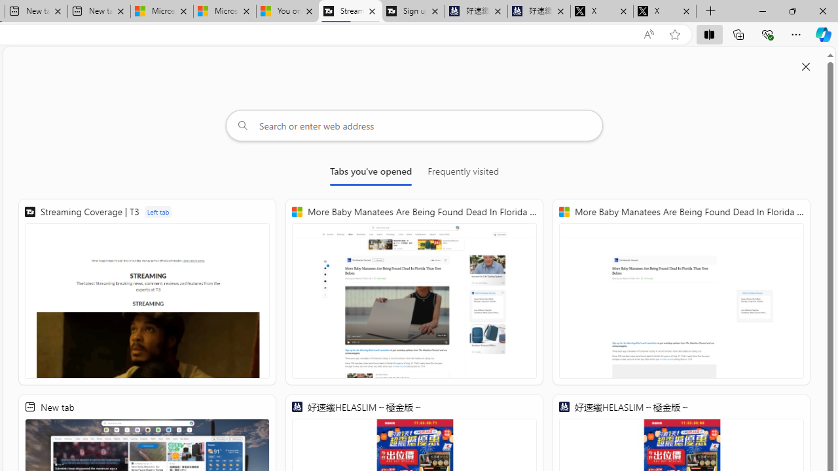 Image resolution: width=838 pixels, height=471 pixels. I want to click on 'Frequently visited', so click(463, 173).